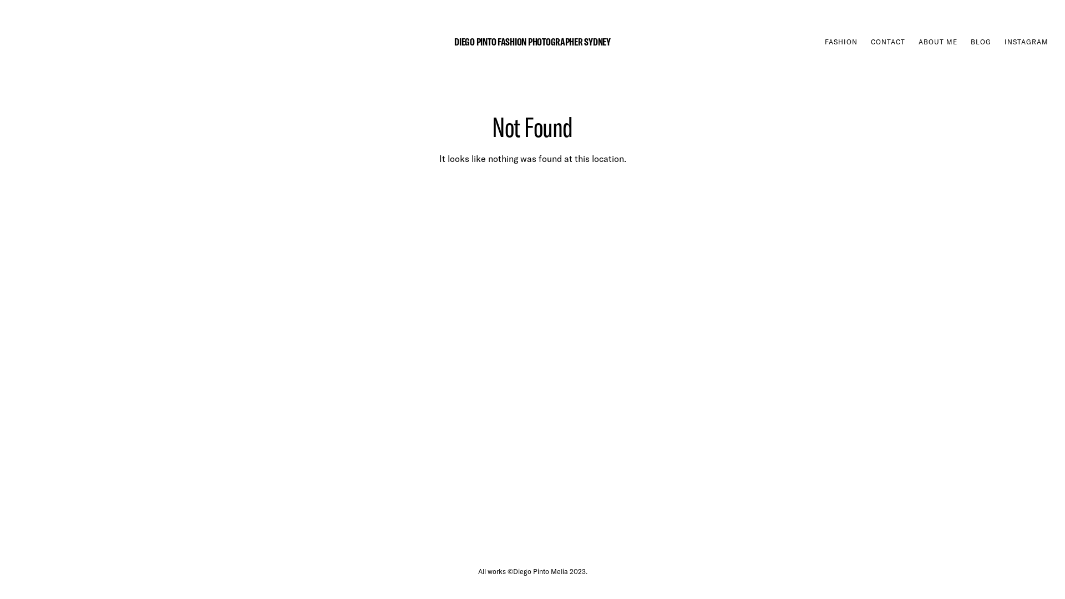 This screenshot has width=1065, height=599. What do you see at coordinates (531, 40) in the screenshot?
I see `'DIEGO PINTO FASHION PHOTOGRAPHER SYDNEY'` at bounding box center [531, 40].